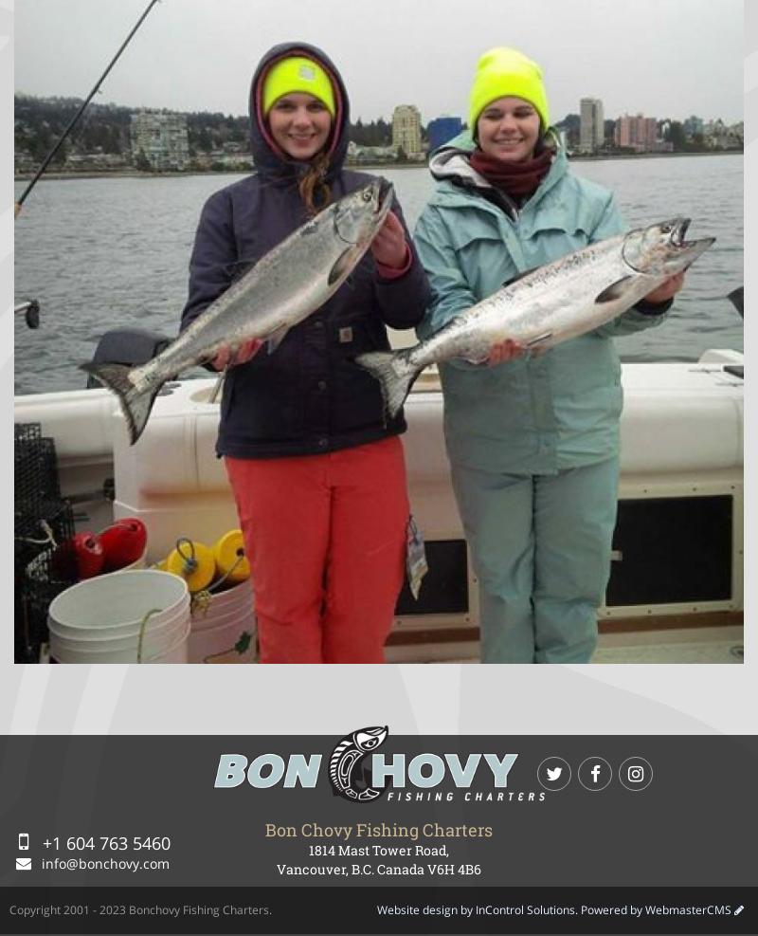 The height and width of the screenshot is (936, 758). What do you see at coordinates (379, 827) in the screenshot?
I see `'Bon Chovy Fishing Charters'` at bounding box center [379, 827].